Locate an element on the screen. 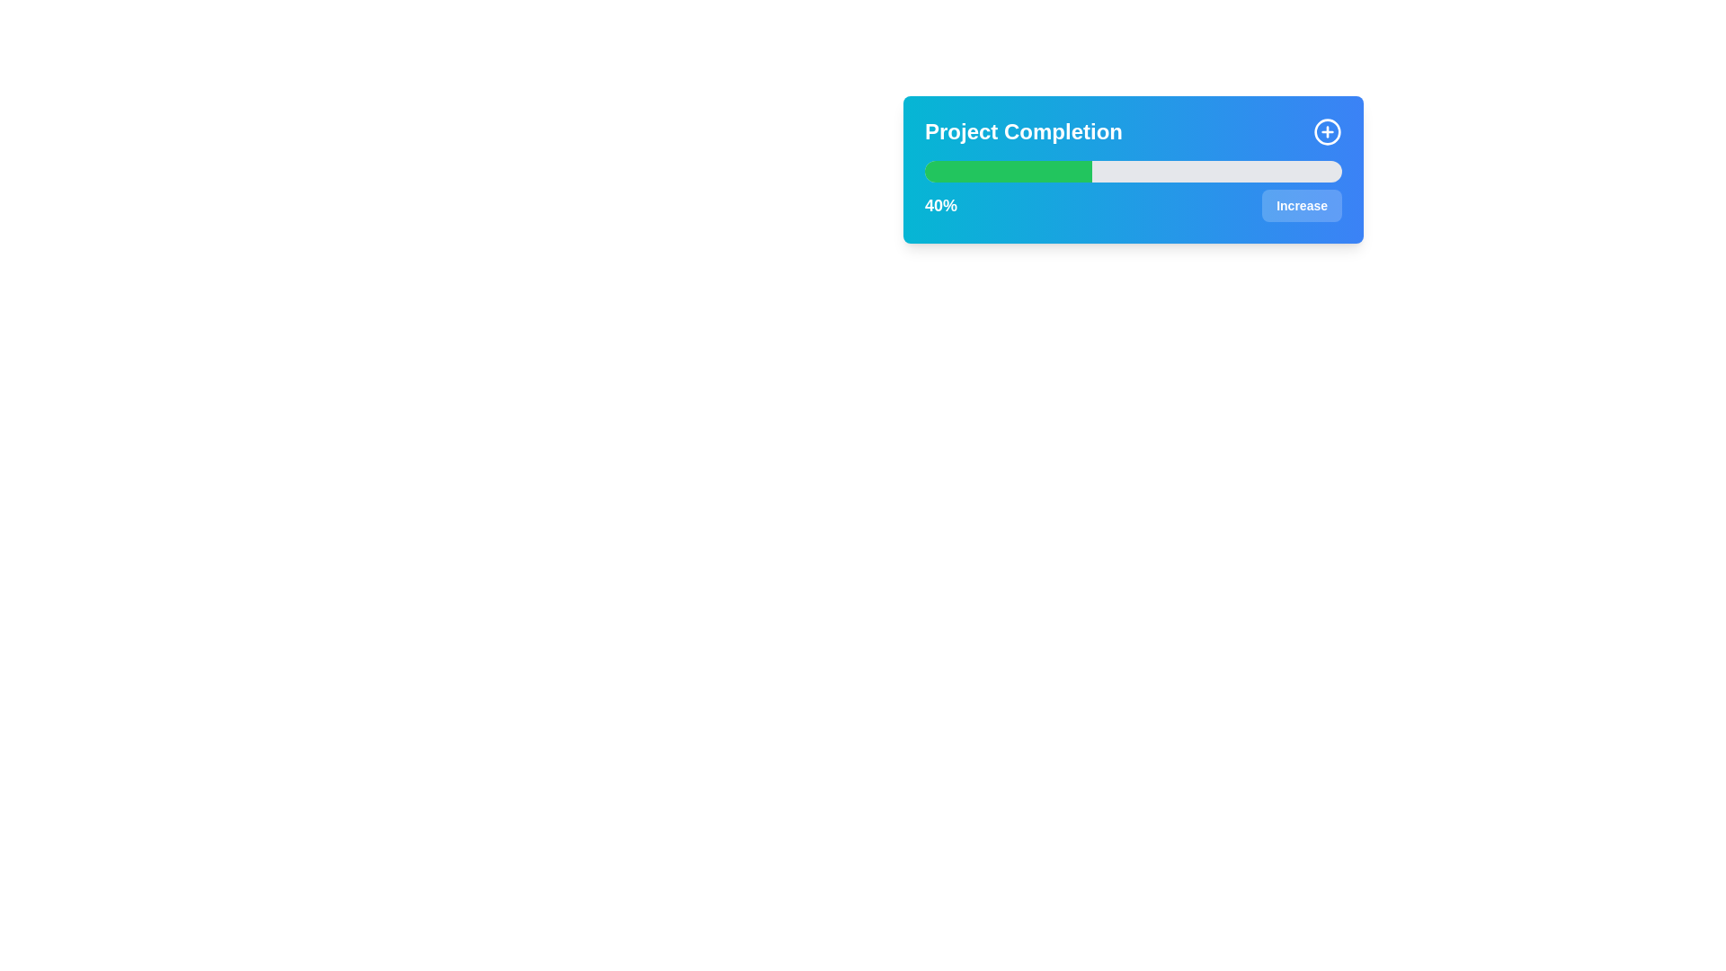 This screenshot has width=1726, height=971. the progress bar that visually indicates 40% completion, positioned centrally below 'Project Completion' and above '40%' and the 'Increase' button is located at coordinates (1133, 172).